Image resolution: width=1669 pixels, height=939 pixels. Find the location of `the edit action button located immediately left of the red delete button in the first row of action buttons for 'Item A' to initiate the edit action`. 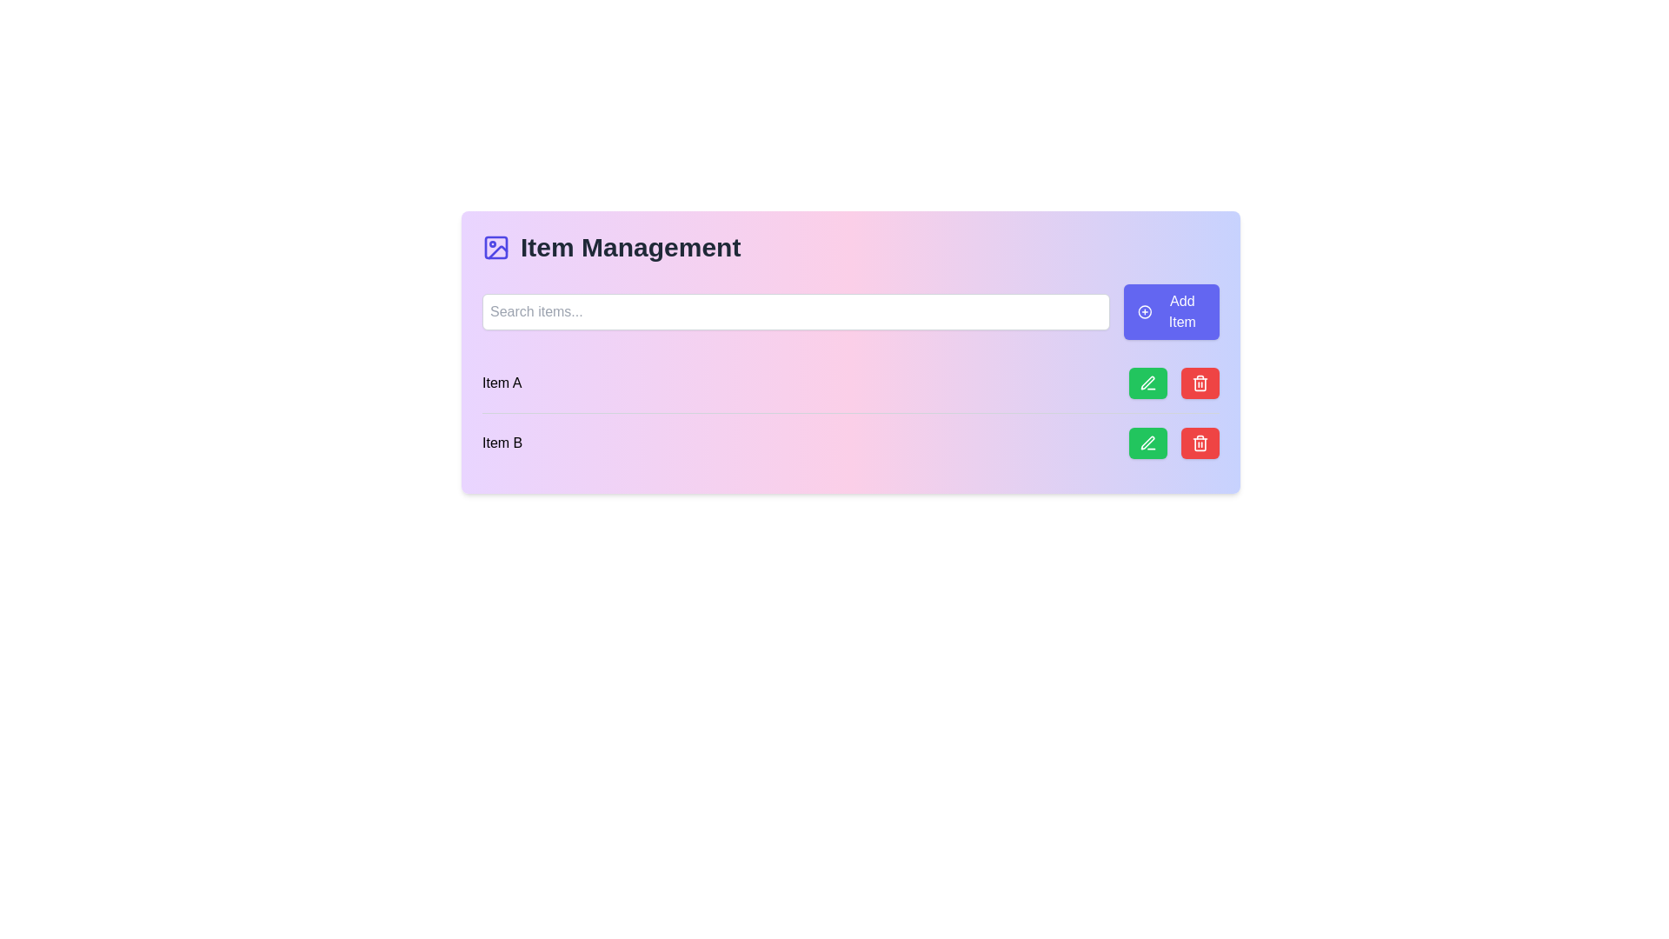

the edit action button located immediately left of the red delete button in the first row of action buttons for 'Item A' to initiate the edit action is located at coordinates (1147, 382).